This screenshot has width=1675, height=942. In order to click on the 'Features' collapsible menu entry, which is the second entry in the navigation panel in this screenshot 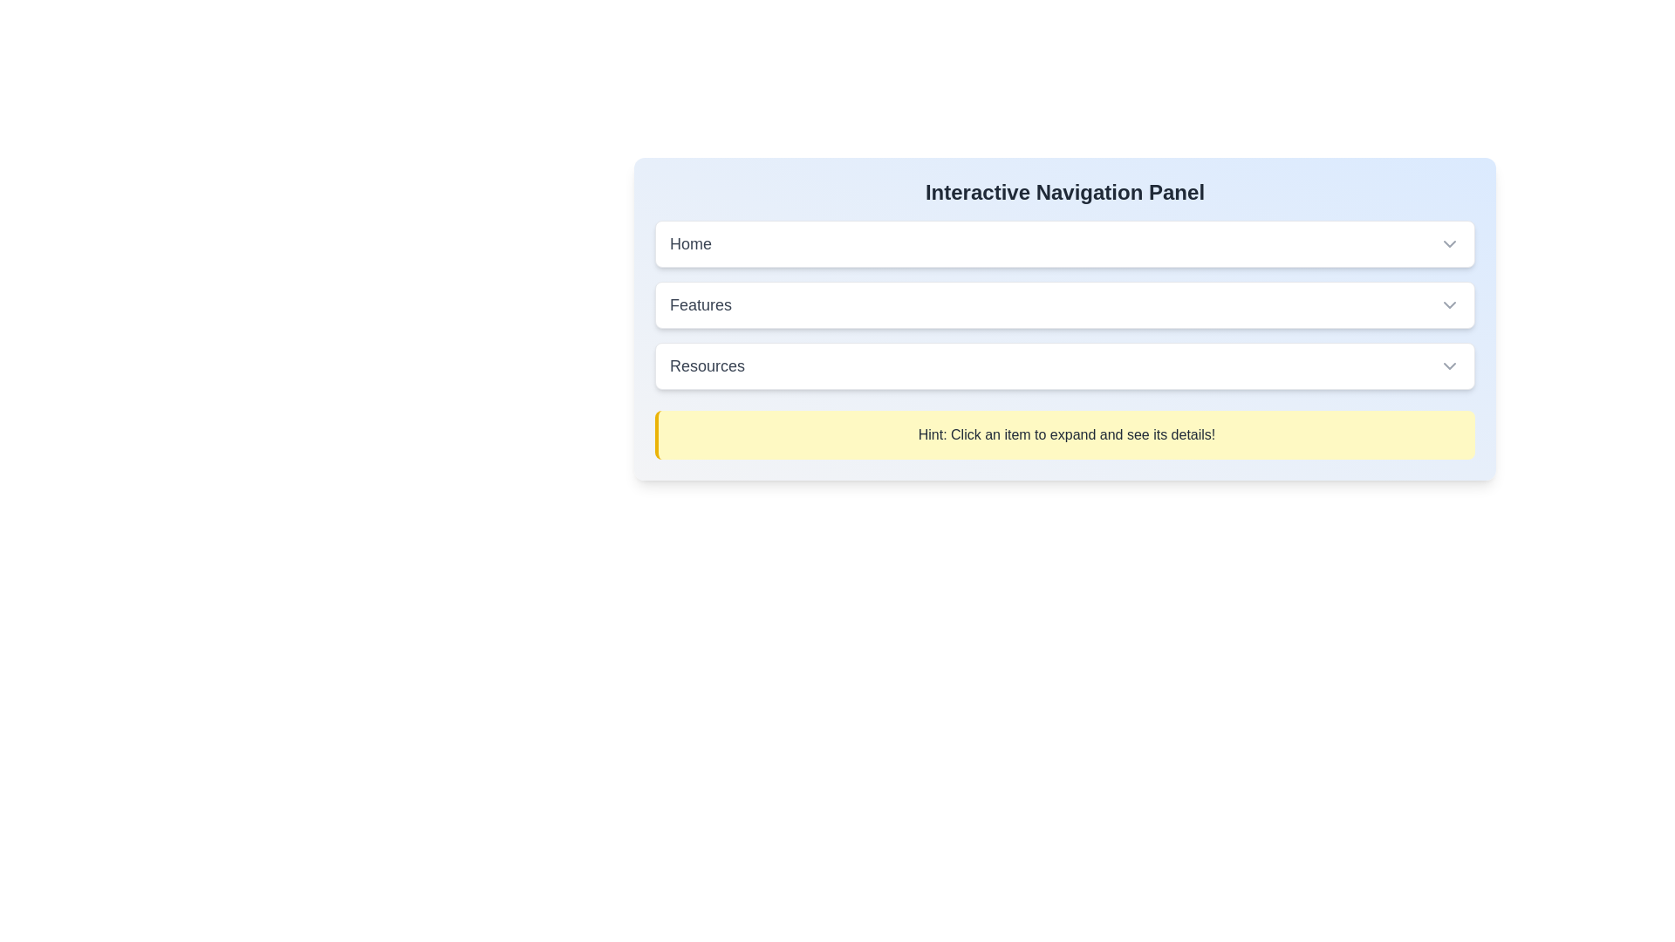, I will do `click(1063, 304)`.